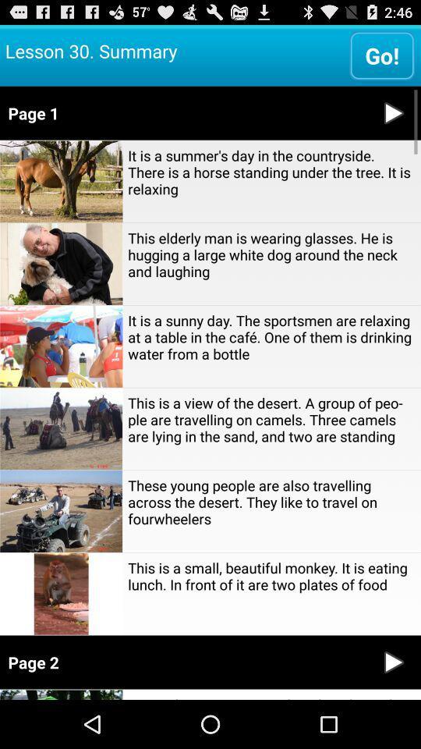 The height and width of the screenshot is (749, 421). What do you see at coordinates (182, 112) in the screenshot?
I see `page 1` at bounding box center [182, 112].